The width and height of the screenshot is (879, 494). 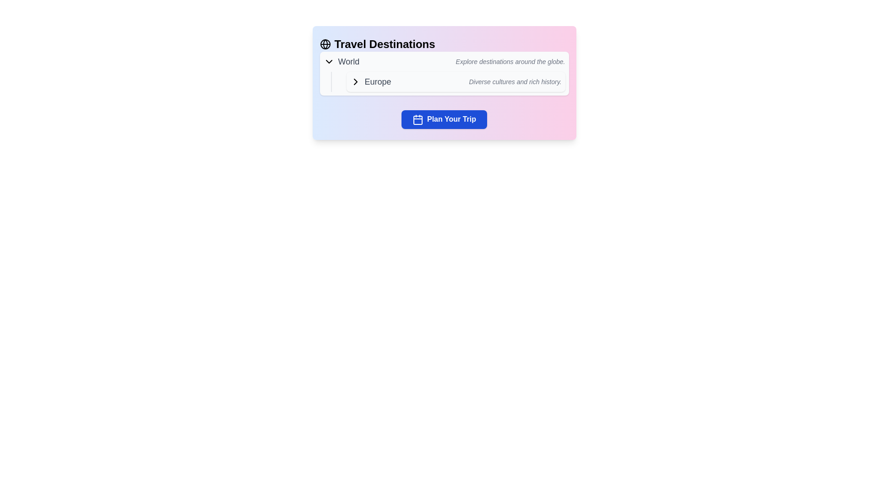 What do you see at coordinates (444, 73) in the screenshot?
I see `the nested list or accordion component for travel destinations to emphasize or reveal additional details` at bounding box center [444, 73].